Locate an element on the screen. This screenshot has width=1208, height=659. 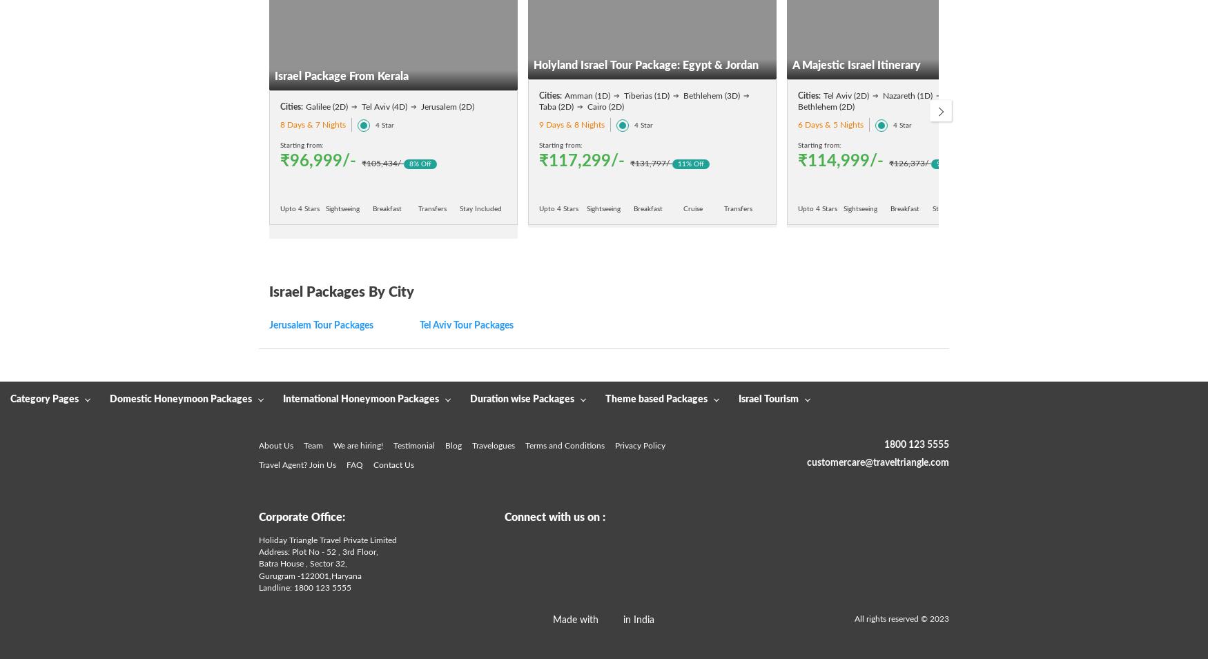
'Gurugram -' is located at coordinates (259, 576).